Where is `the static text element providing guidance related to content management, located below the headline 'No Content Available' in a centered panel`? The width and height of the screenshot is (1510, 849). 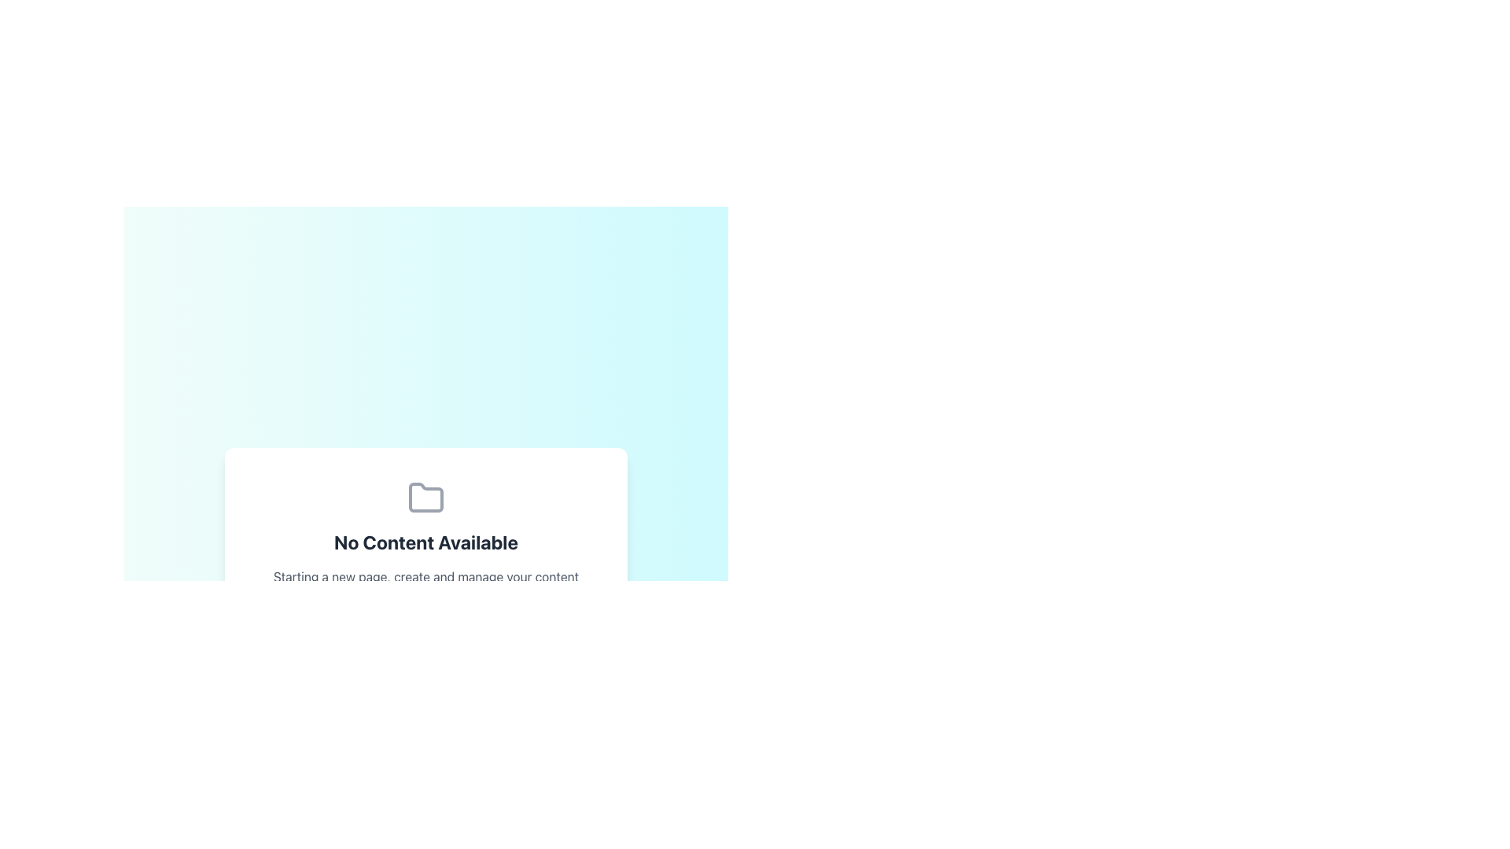 the static text element providing guidance related to content management, located below the headline 'No Content Available' in a centered panel is located at coordinates (426, 586).